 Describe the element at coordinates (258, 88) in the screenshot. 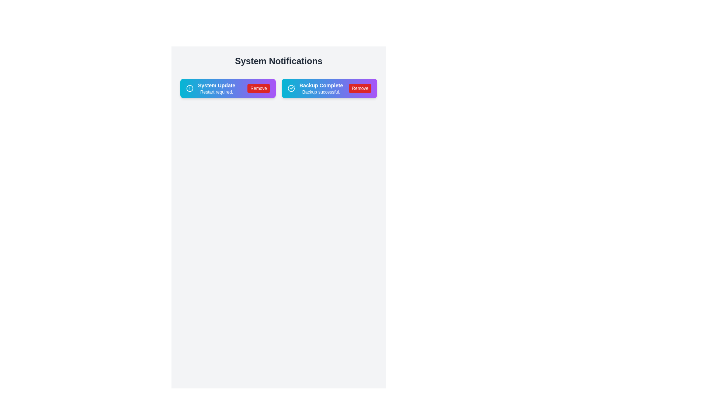

I see `remove button for the notification chip labeled 'System Update'` at that location.